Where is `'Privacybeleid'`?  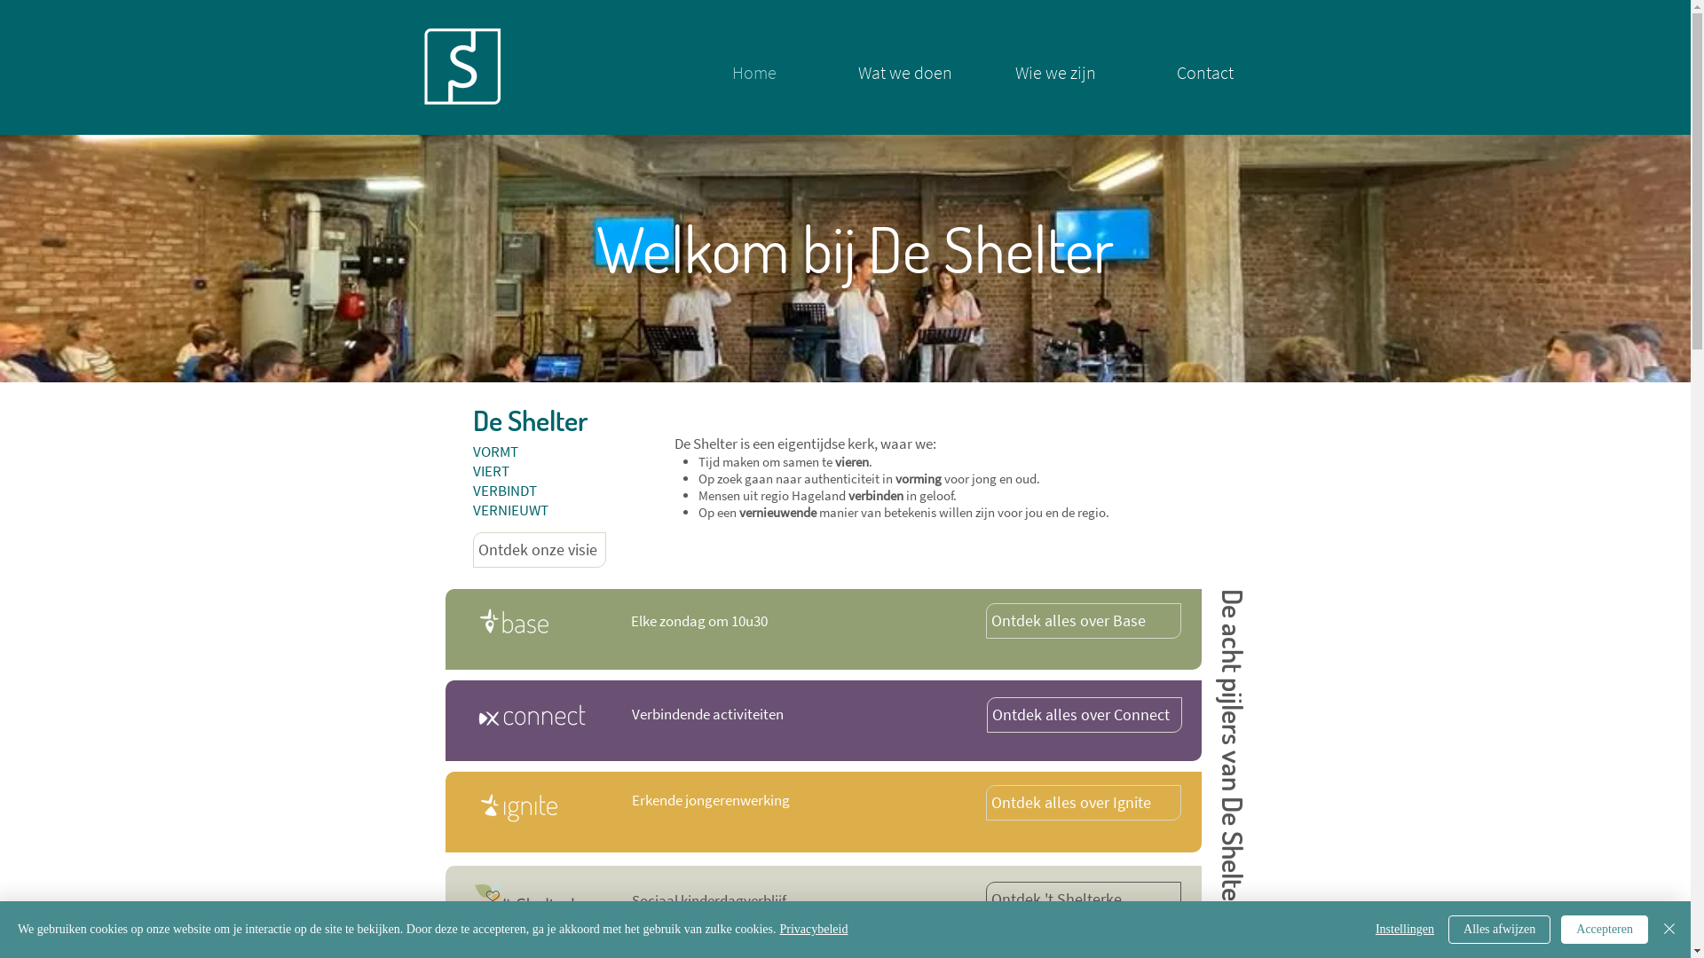
'Privacybeleid' is located at coordinates (812, 928).